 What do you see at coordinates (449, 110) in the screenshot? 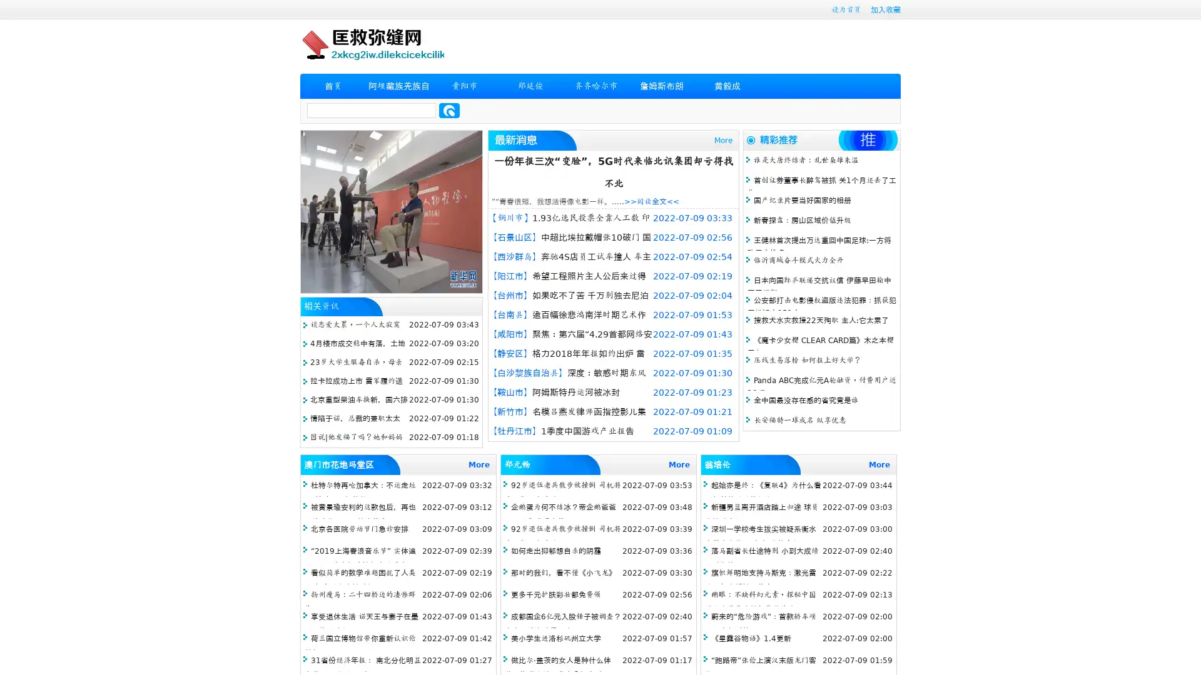
I see `Search` at bounding box center [449, 110].